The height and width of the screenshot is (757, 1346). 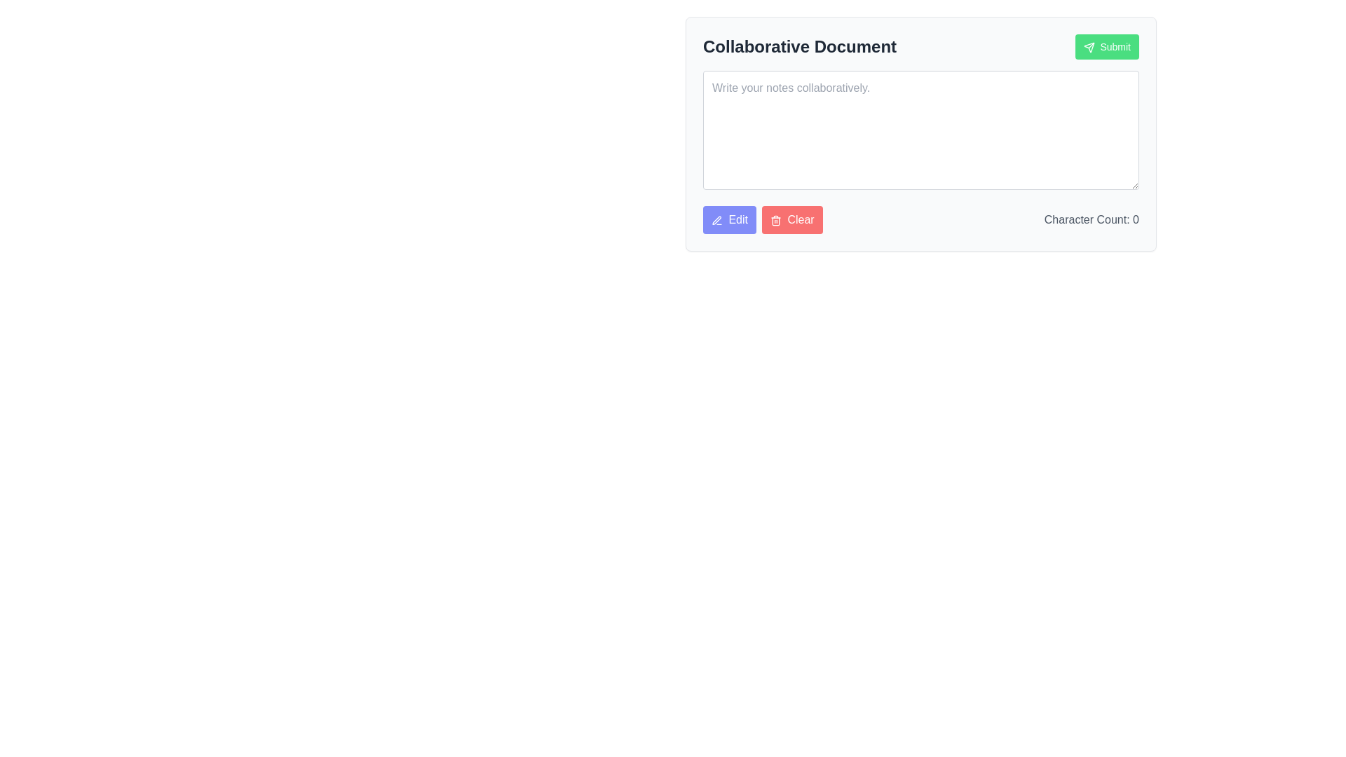 What do you see at coordinates (729, 219) in the screenshot?
I see `the 'Edit' button with a blue background and white text` at bounding box center [729, 219].